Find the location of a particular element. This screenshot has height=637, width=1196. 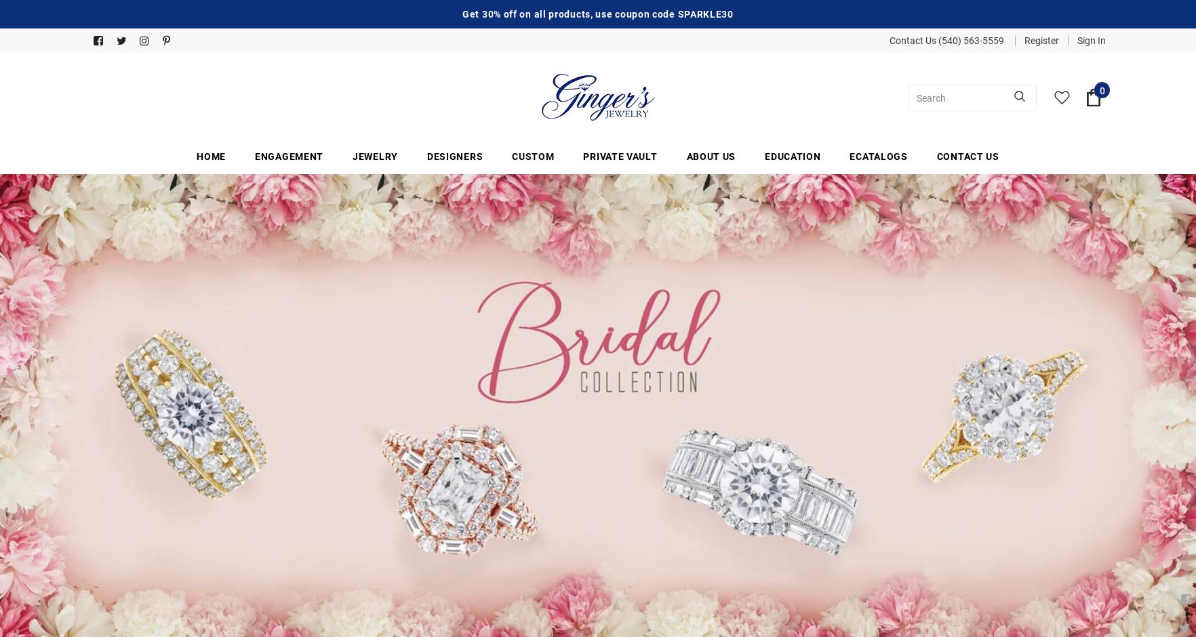

'Designers' is located at coordinates (454, 155).